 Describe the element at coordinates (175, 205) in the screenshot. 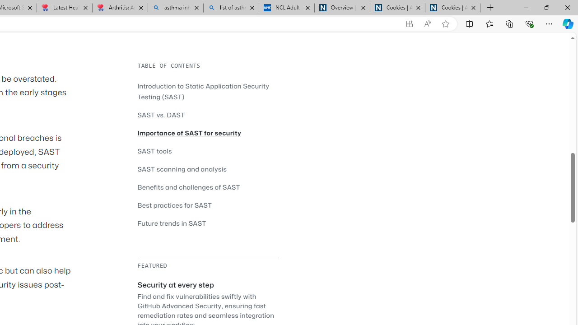

I see `'Best practices for SAST'` at that location.